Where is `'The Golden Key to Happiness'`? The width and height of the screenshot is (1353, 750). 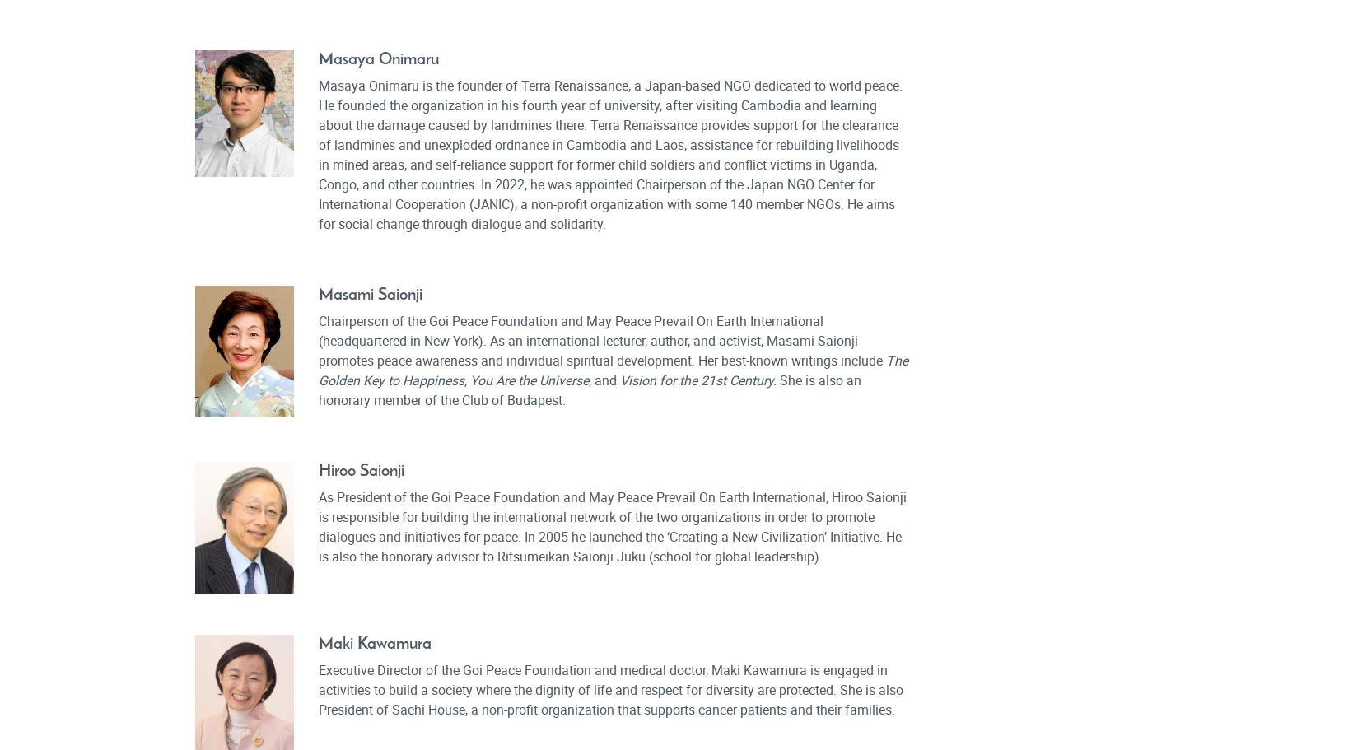
'The Golden Key to Happiness' is located at coordinates (612, 370).